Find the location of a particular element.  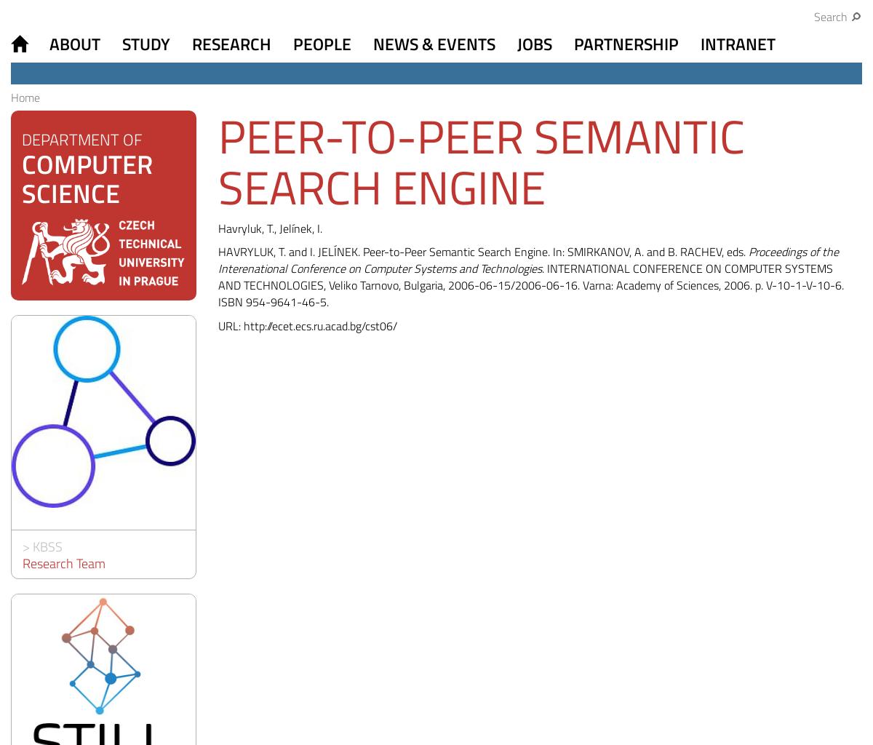

'Home' is located at coordinates (11, 97).